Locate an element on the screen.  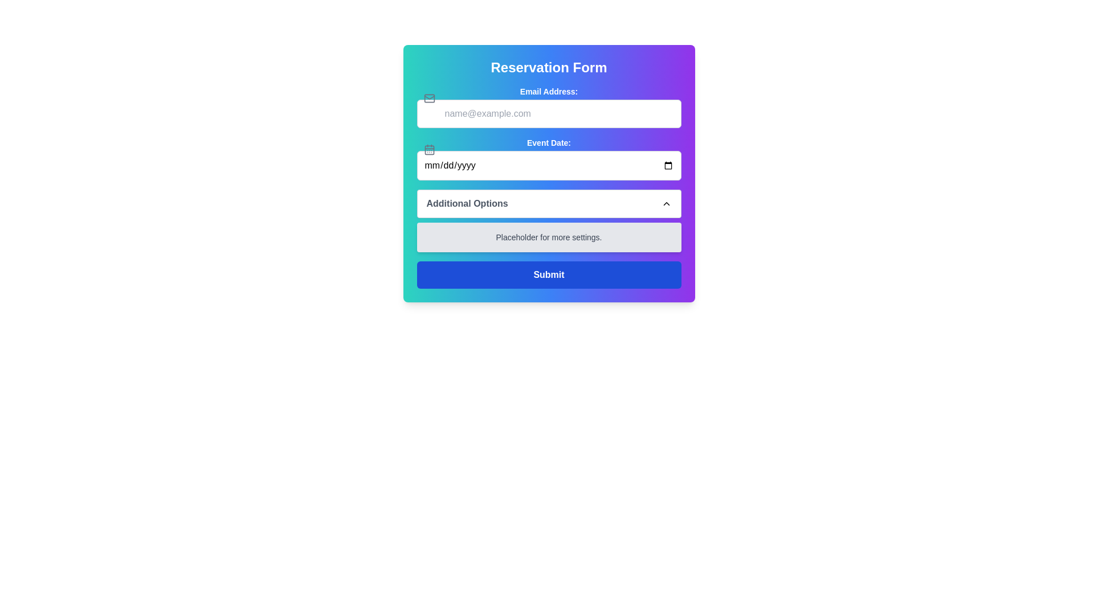
the Date Input Field, which is the second input field in the 'Reservation Form' section is located at coordinates (549, 158).